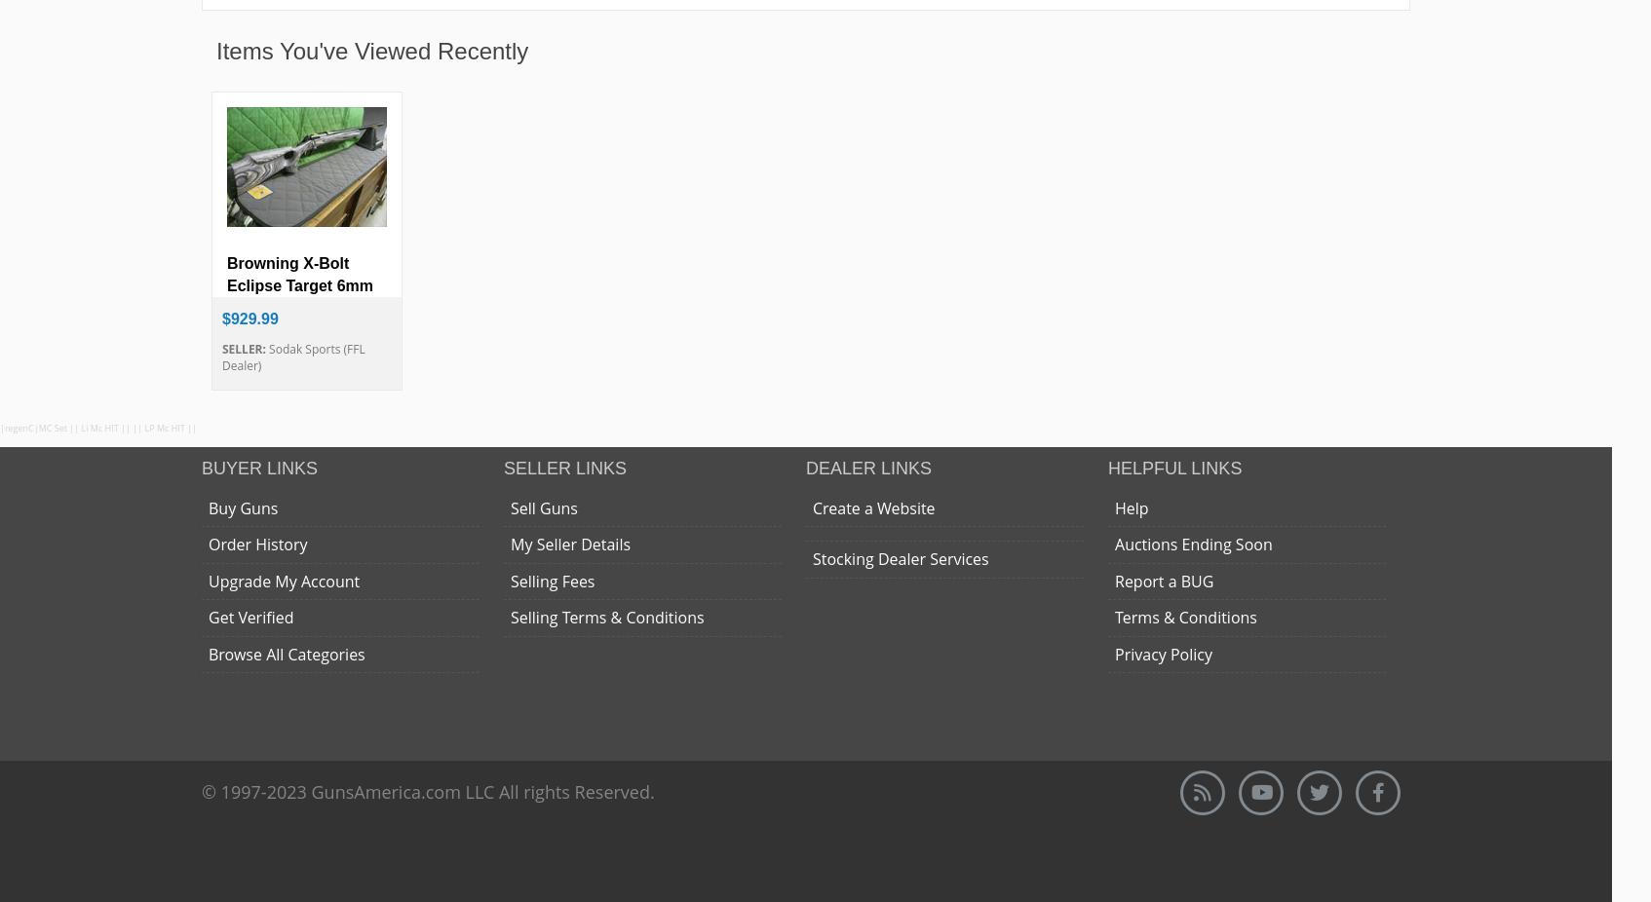  What do you see at coordinates (242, 507) in the screenshot?
I see `'Buy Guns'` at bounding box center [242, 507].